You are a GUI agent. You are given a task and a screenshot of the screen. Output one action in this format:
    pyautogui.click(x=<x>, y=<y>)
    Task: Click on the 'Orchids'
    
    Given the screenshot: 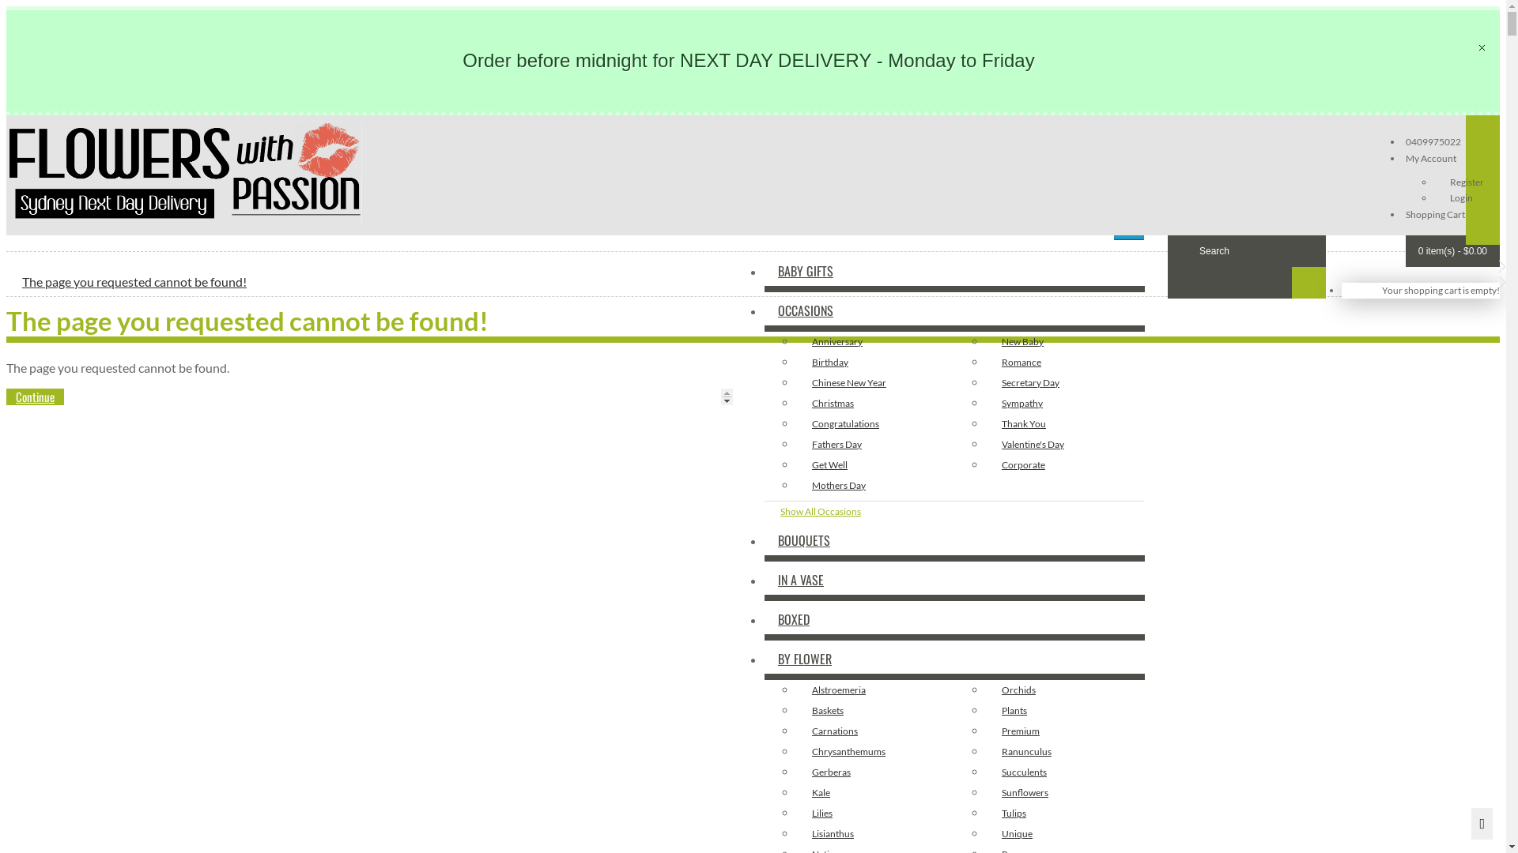 What is the action you would take?
    pyautogui.click(x=985, y=688)
    